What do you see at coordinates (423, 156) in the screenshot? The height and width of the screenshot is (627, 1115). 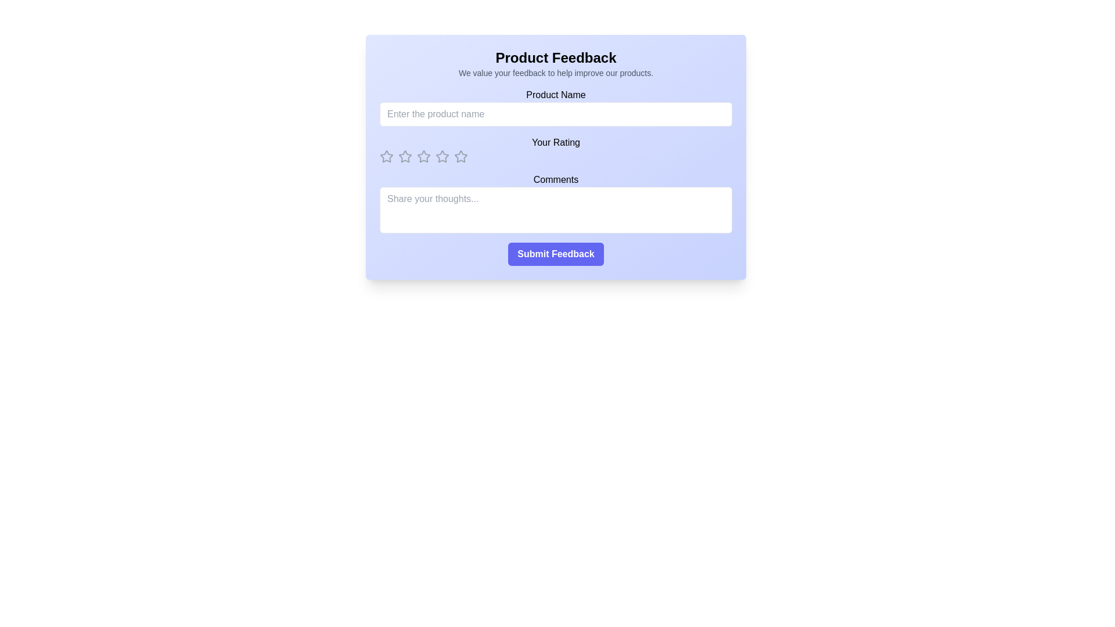 I see `the third star-shaped icon with a gray outline in the 'Your Rating' section` at bounding box center [423, 156].